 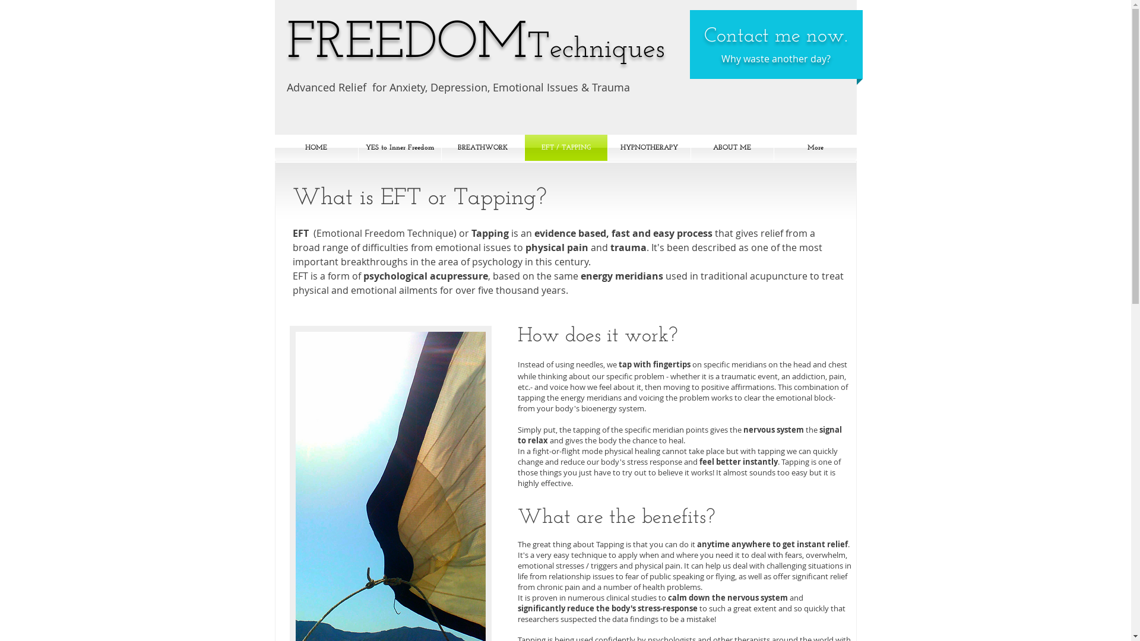 What do you see at coordinates (483, 147) in the screenshot?
I see `'BREATHWORK'` at bounding box center [483, 147].